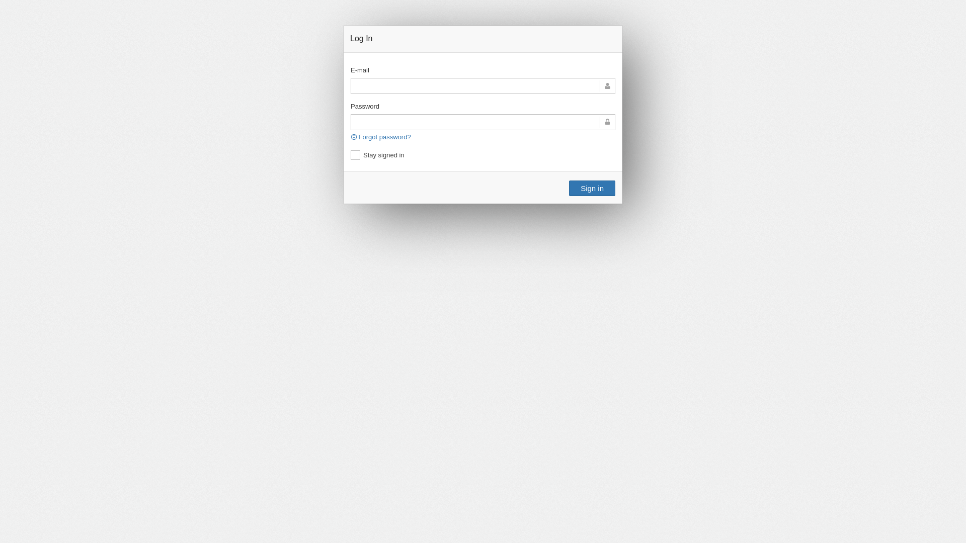 The width and height of the screenshot is (966, 543). What do you see at coordinates (380, 137) in the screenshot?
I see `'Forgot password?'` at bounding box center [380, 137].